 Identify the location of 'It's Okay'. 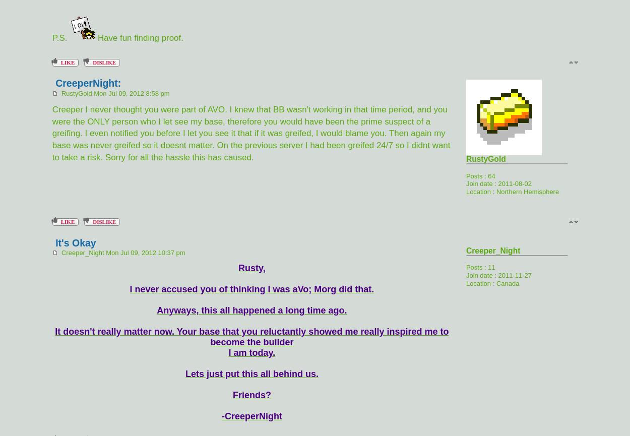
(76, 242).